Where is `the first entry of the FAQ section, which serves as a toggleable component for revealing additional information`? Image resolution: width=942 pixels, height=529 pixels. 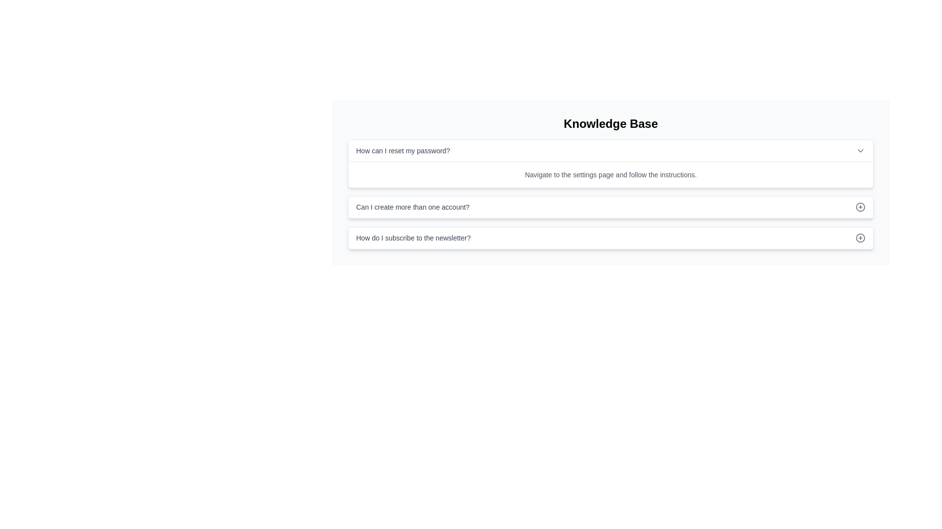 the first entry of the FAQ section, which serves as a toggleable component for revealing additional information is located at coordinates (610, 151).